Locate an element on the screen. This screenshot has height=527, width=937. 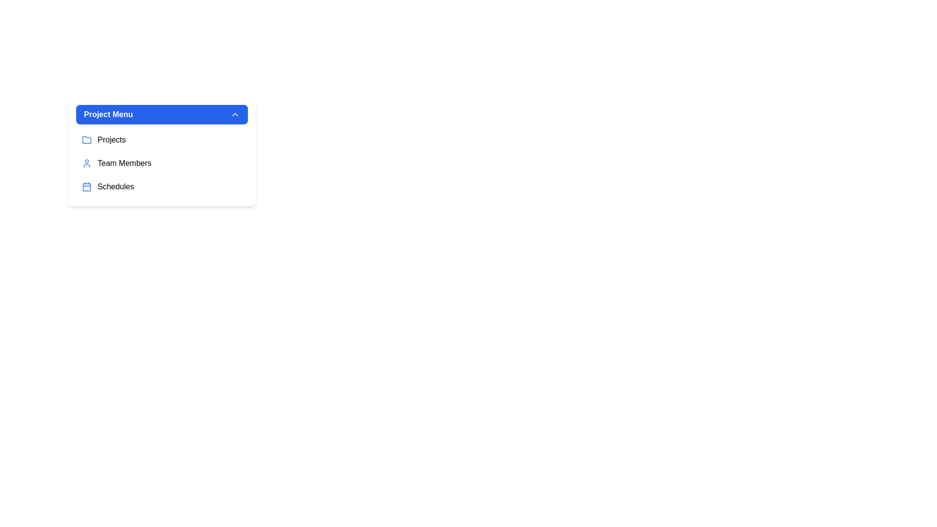
the 'Projects' item in the menu is located at coordinates (162, 140).